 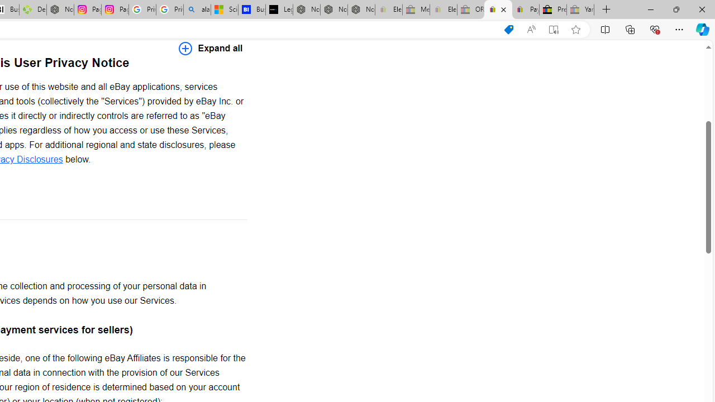 I want to click on 'User Privacy Notice | eBay', so click(x=498, y=9).